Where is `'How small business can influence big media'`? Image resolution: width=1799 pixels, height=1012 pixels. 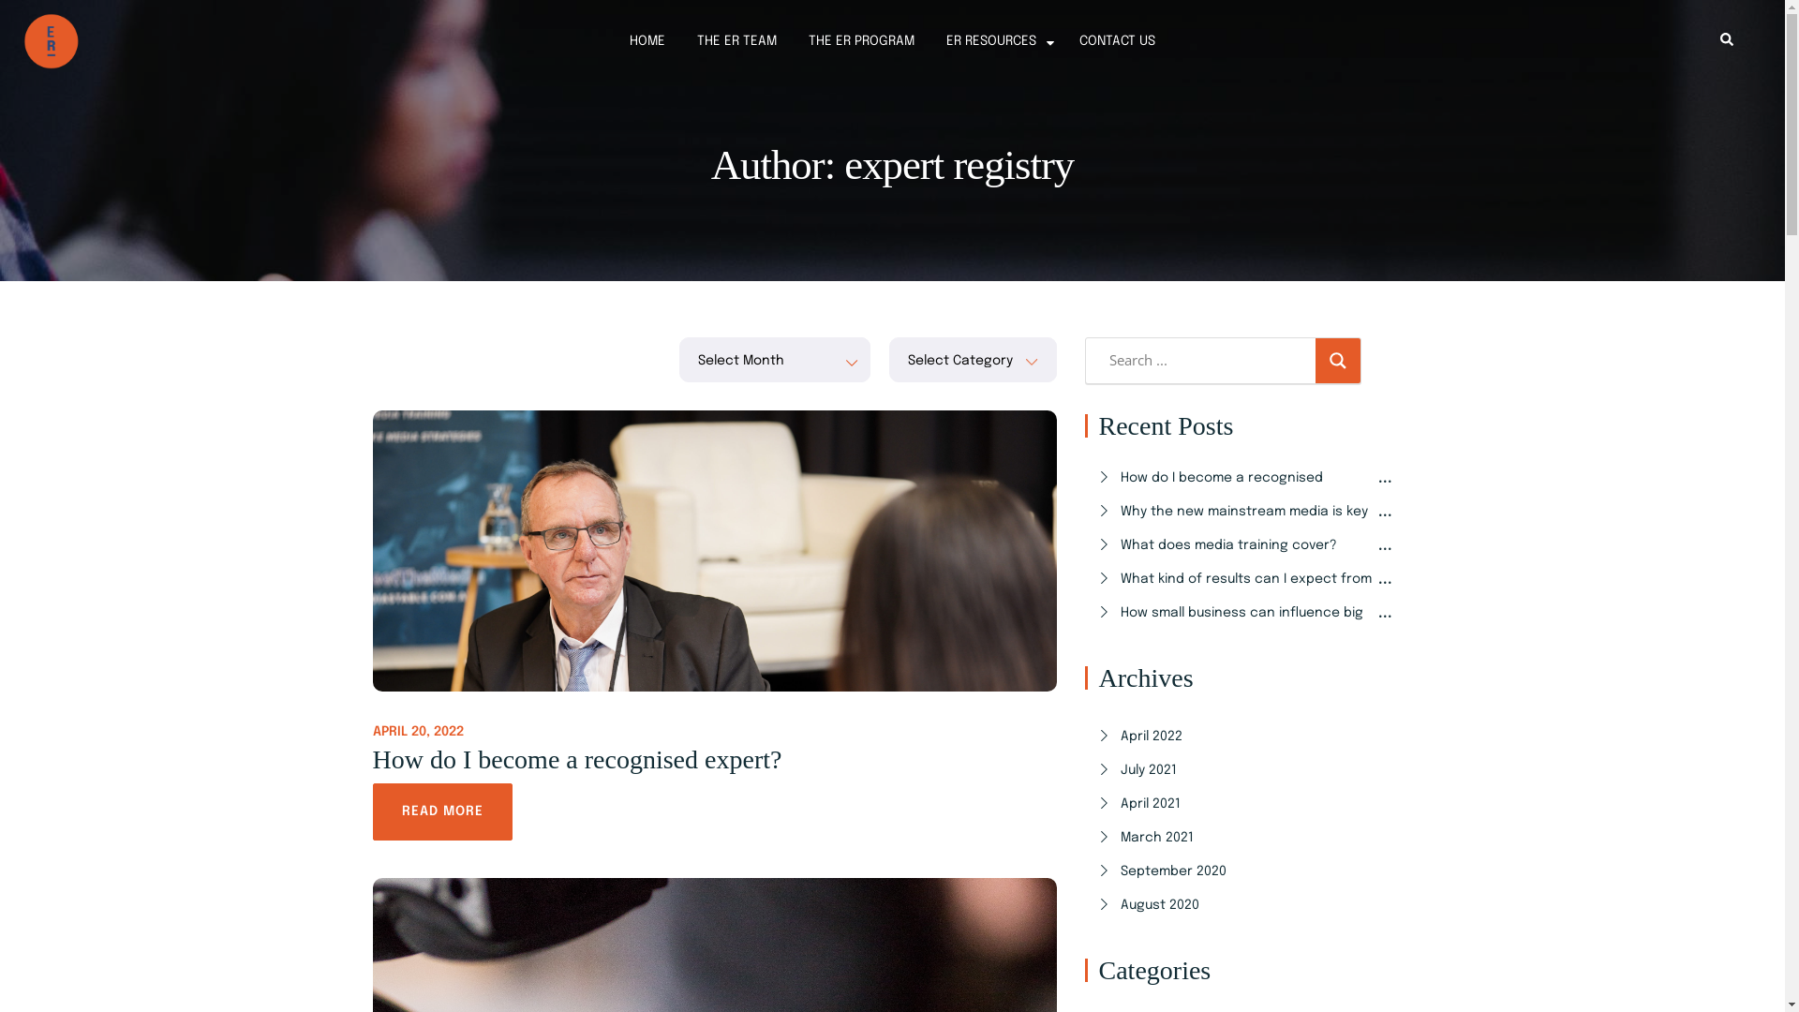 'How small business can influence big media' is located at coordinates (1246, 632).